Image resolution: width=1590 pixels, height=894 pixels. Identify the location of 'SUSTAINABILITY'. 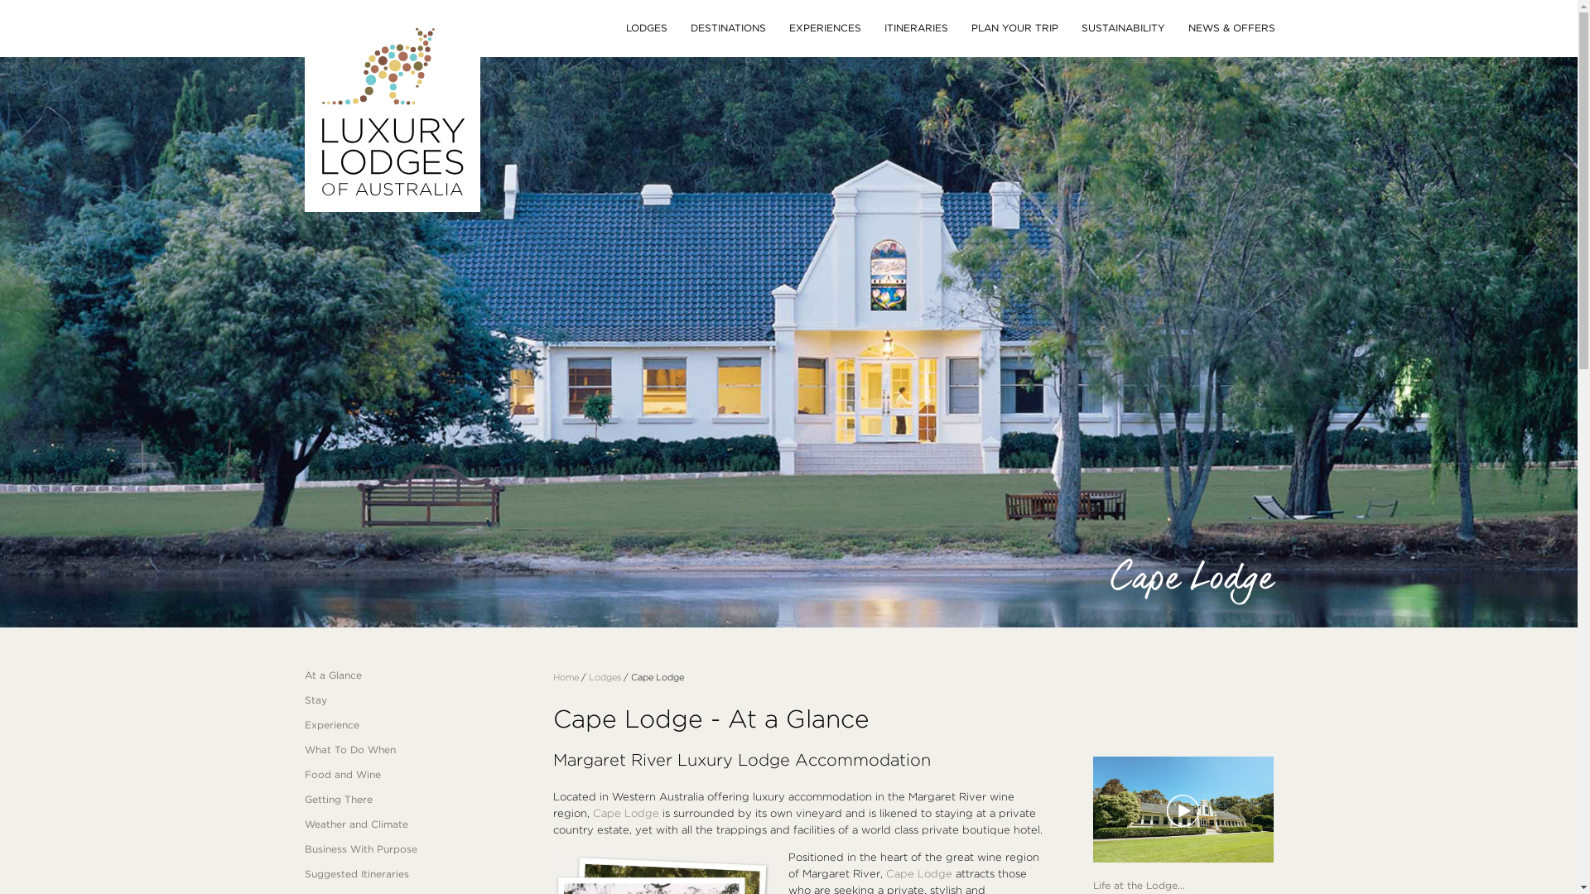
(1123, 28).